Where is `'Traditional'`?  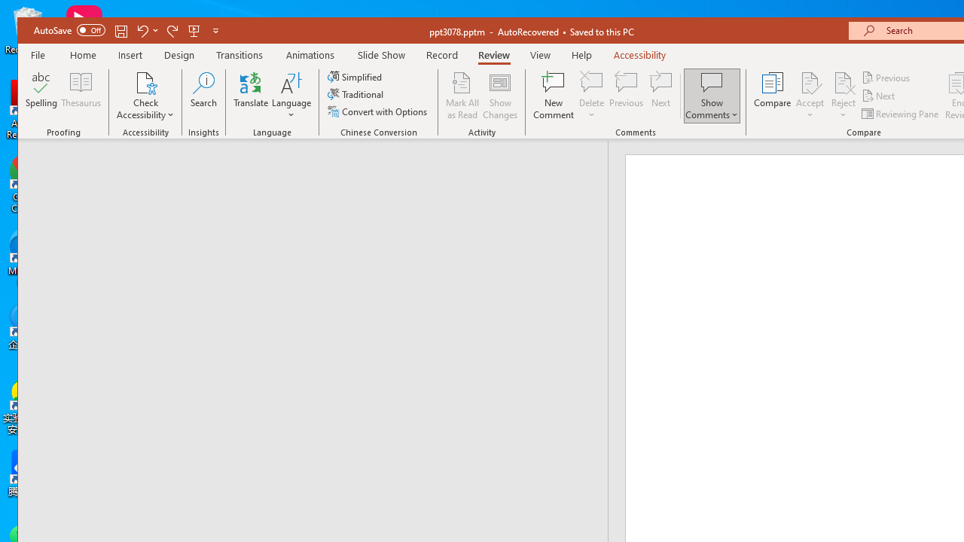 'Traditional' is located at coordinates (356, 94).